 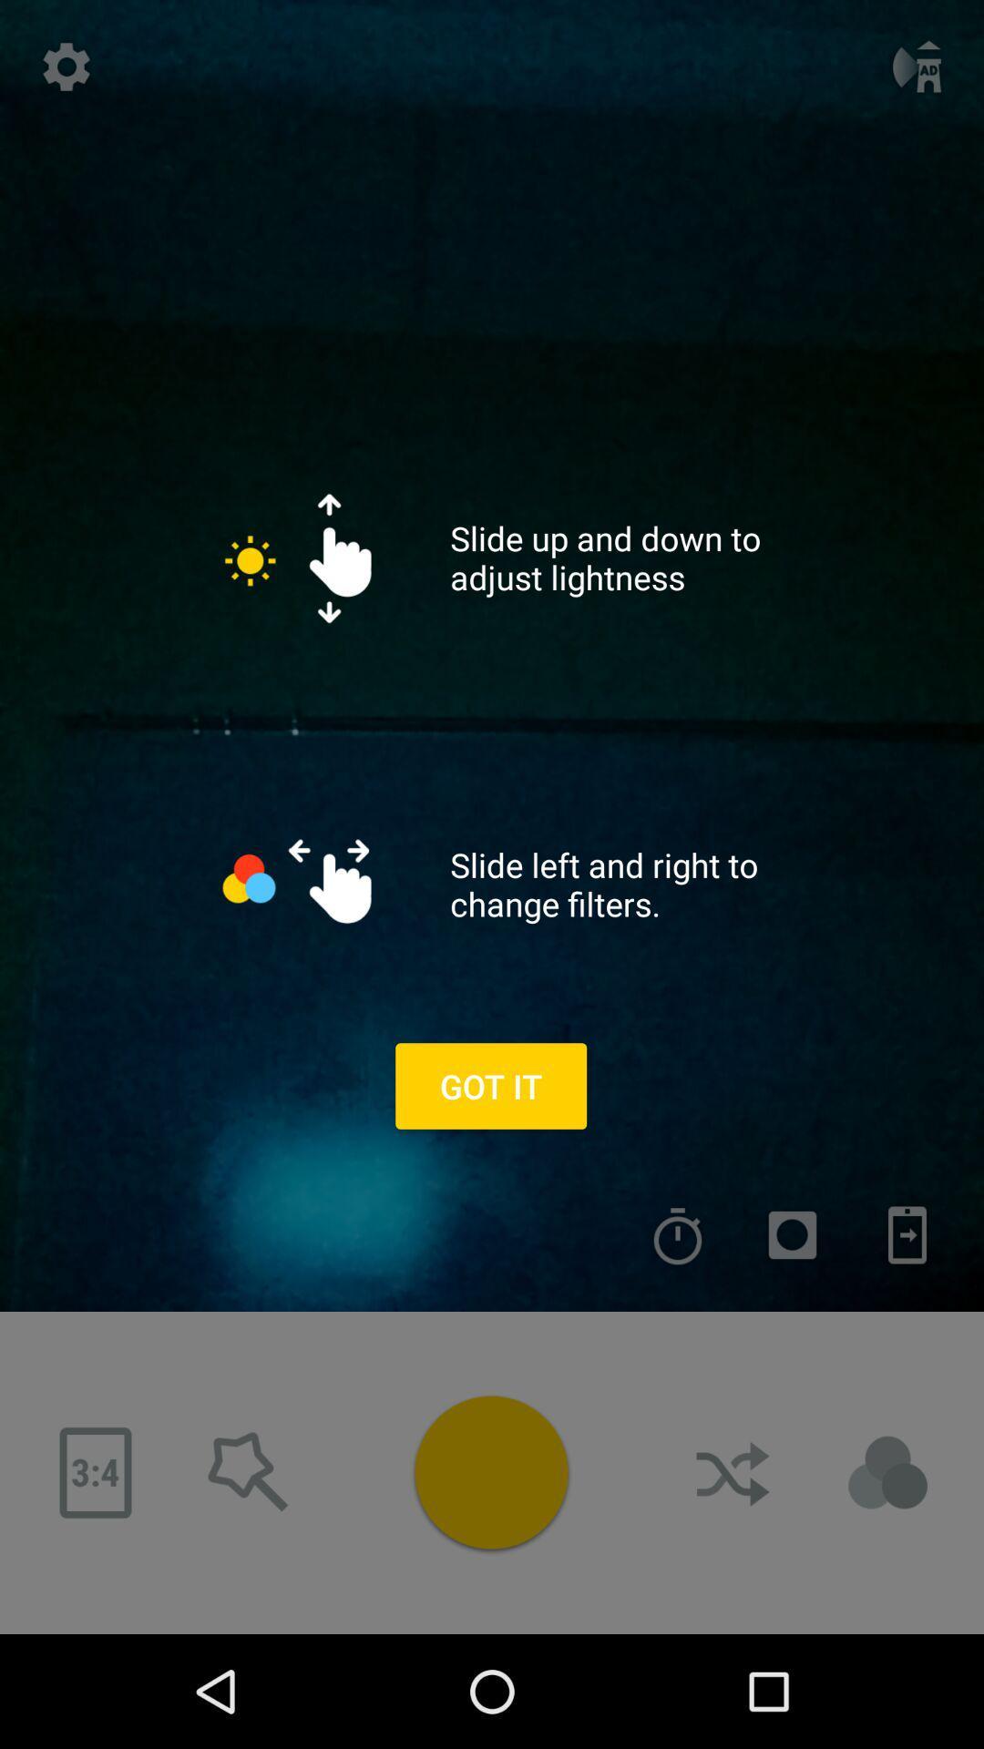 I want to click on adjust the timer, so click(x=678, y=1235).